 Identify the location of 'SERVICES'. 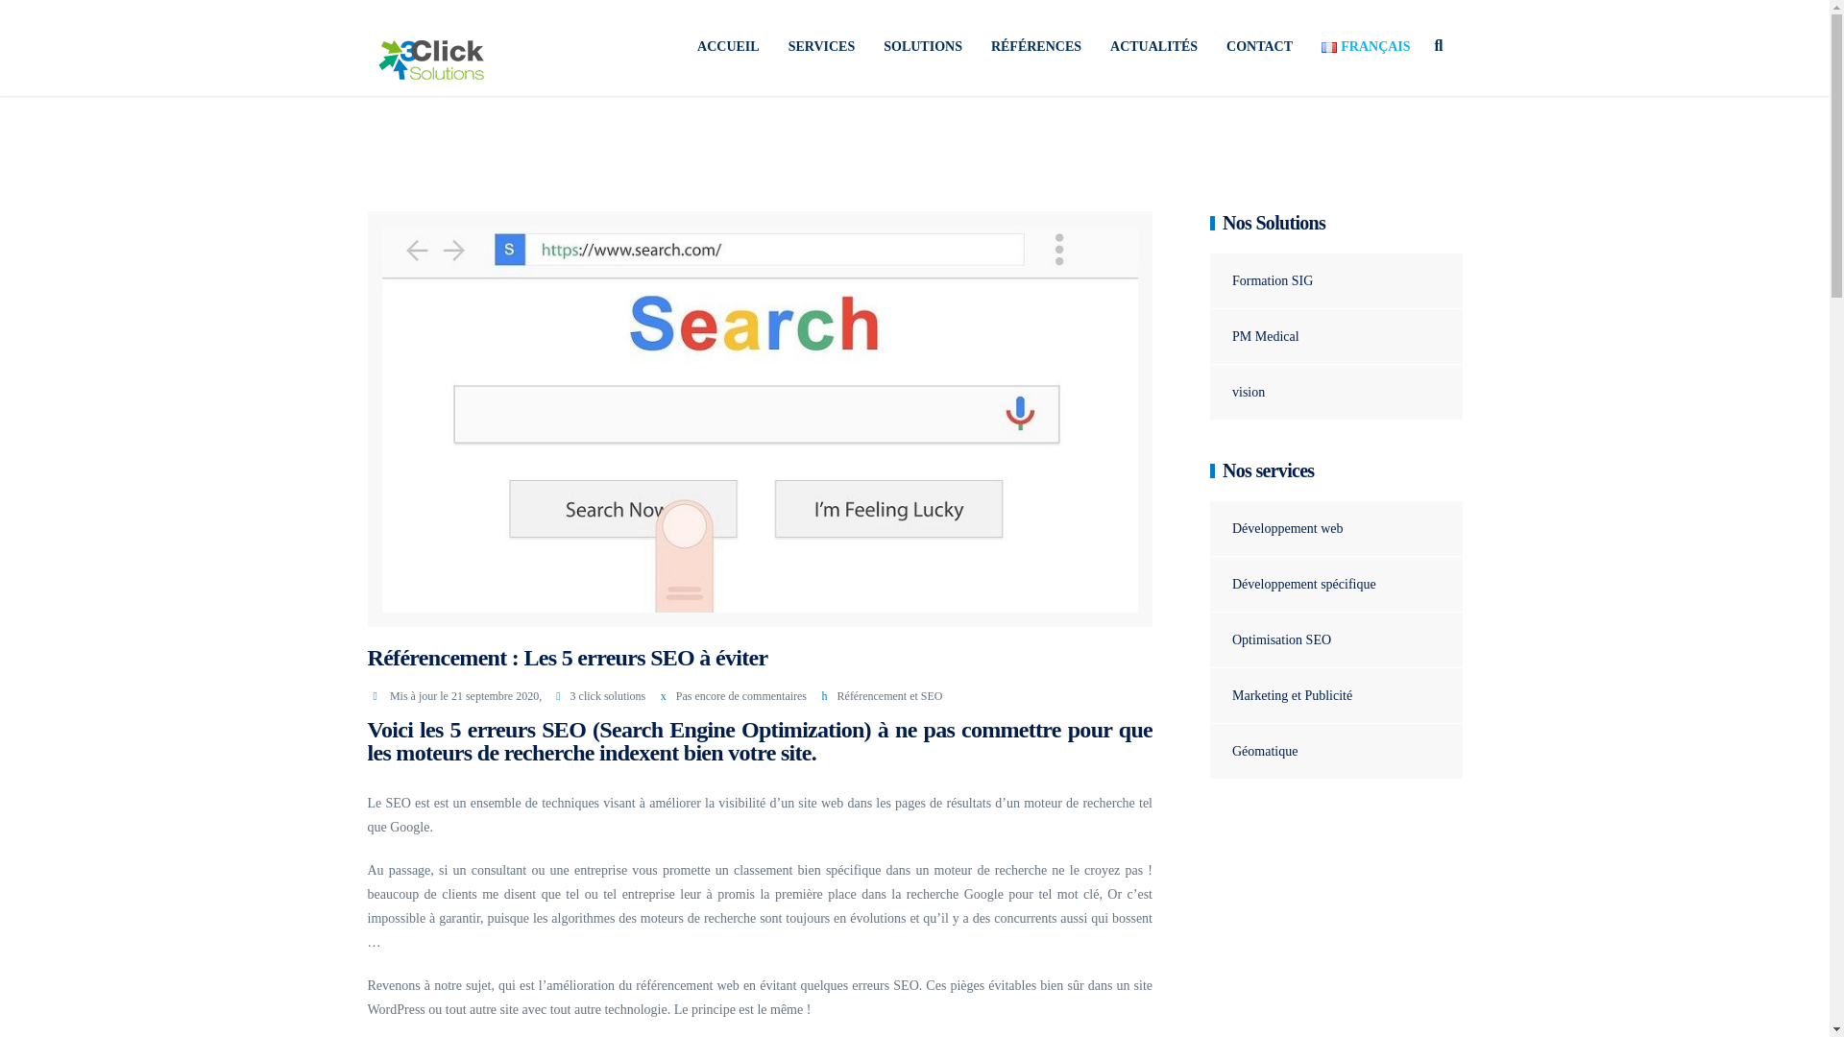
(821, 46).